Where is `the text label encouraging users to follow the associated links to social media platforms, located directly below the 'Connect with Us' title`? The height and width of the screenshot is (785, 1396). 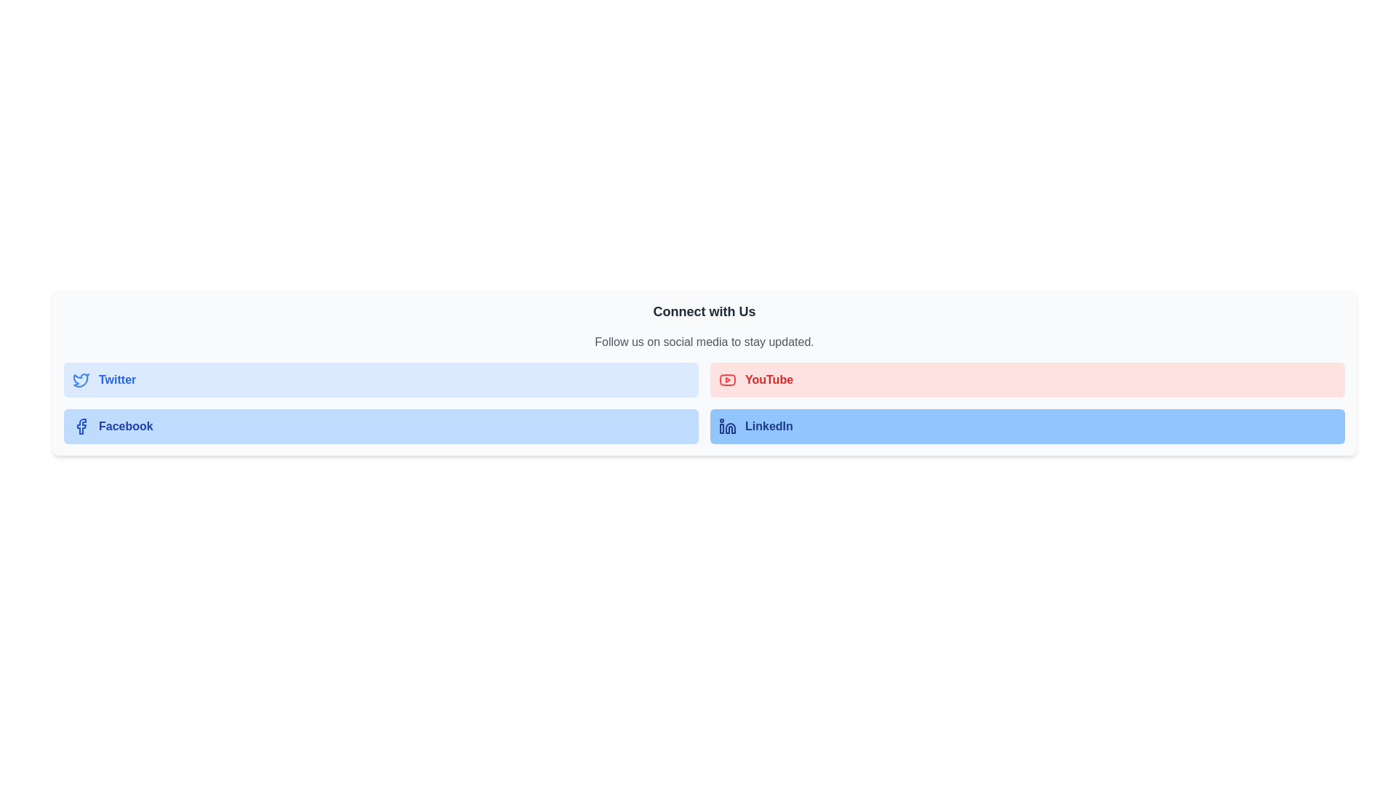
the text label encouraging users to follow the associated links to social media platforms, located directly below the 'Connect with Us' title is located at coordinates (705, 342).